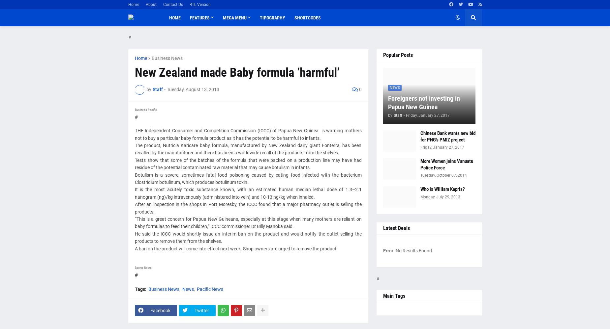 The image size is (610, 329). I want to click on 'Get COVD-19 Vaccine and you go into draw to Win a Nissan Patrol Vehicle', so click(204, 86).